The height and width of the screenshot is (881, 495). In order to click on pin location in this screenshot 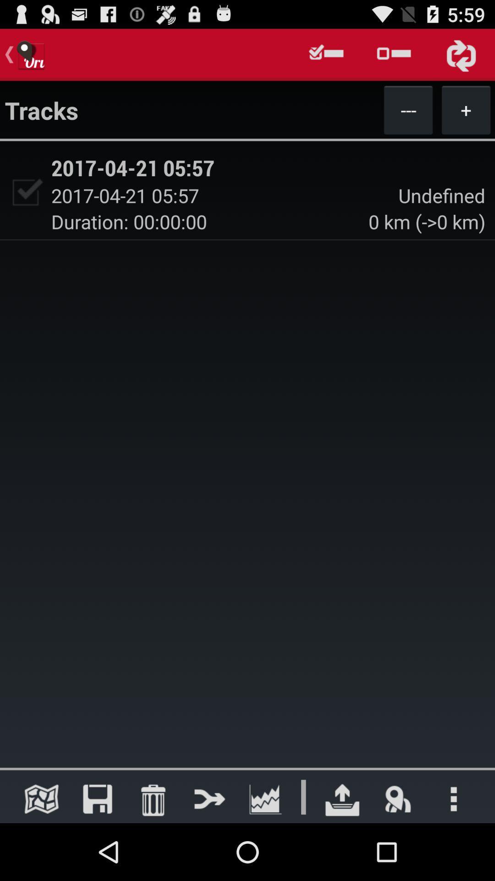, I will do `click(397, 798)`.